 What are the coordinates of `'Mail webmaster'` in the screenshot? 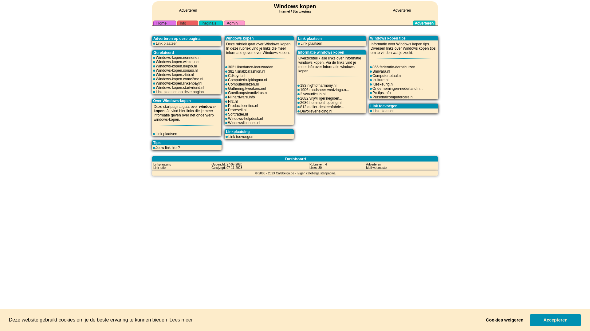 It's located at (376, 168).